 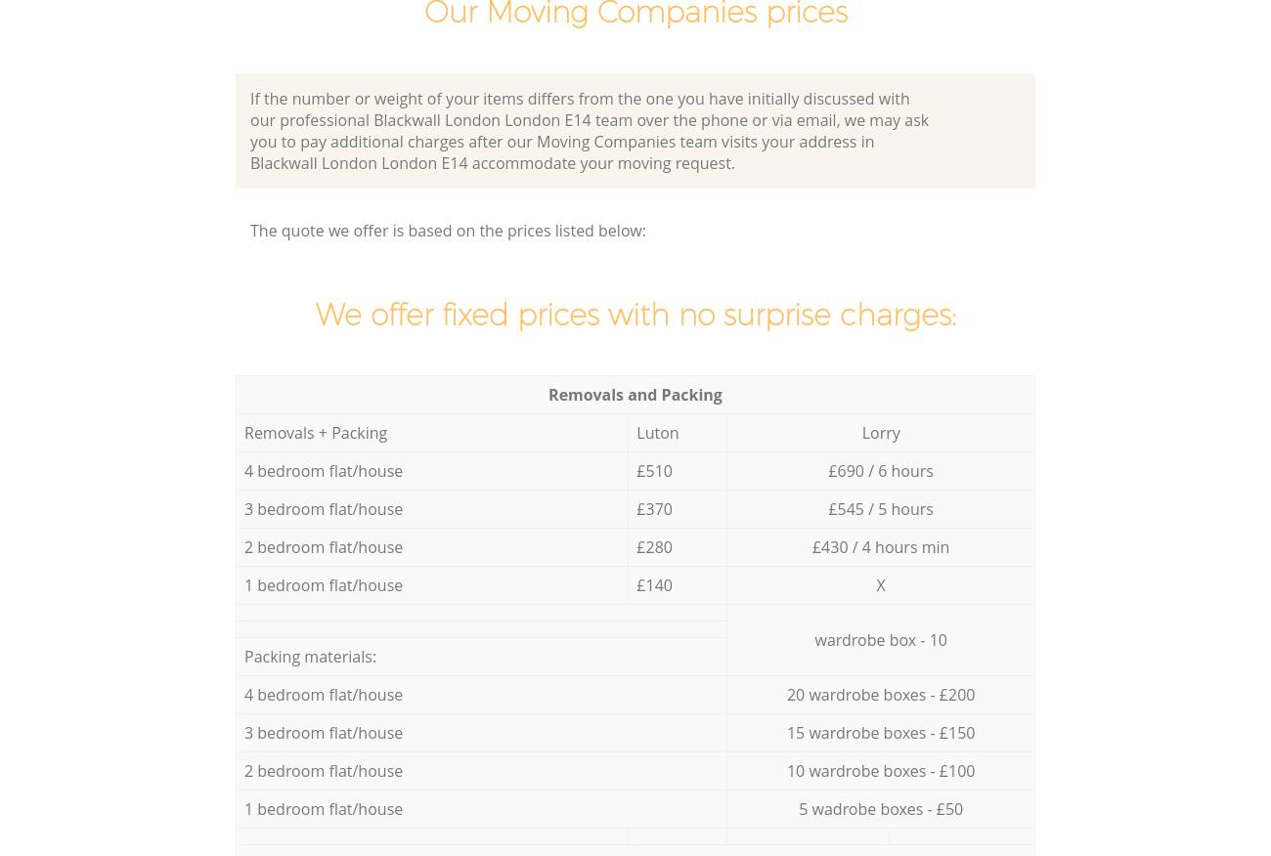 I want to click on '£370', so click(x=635, y=508).